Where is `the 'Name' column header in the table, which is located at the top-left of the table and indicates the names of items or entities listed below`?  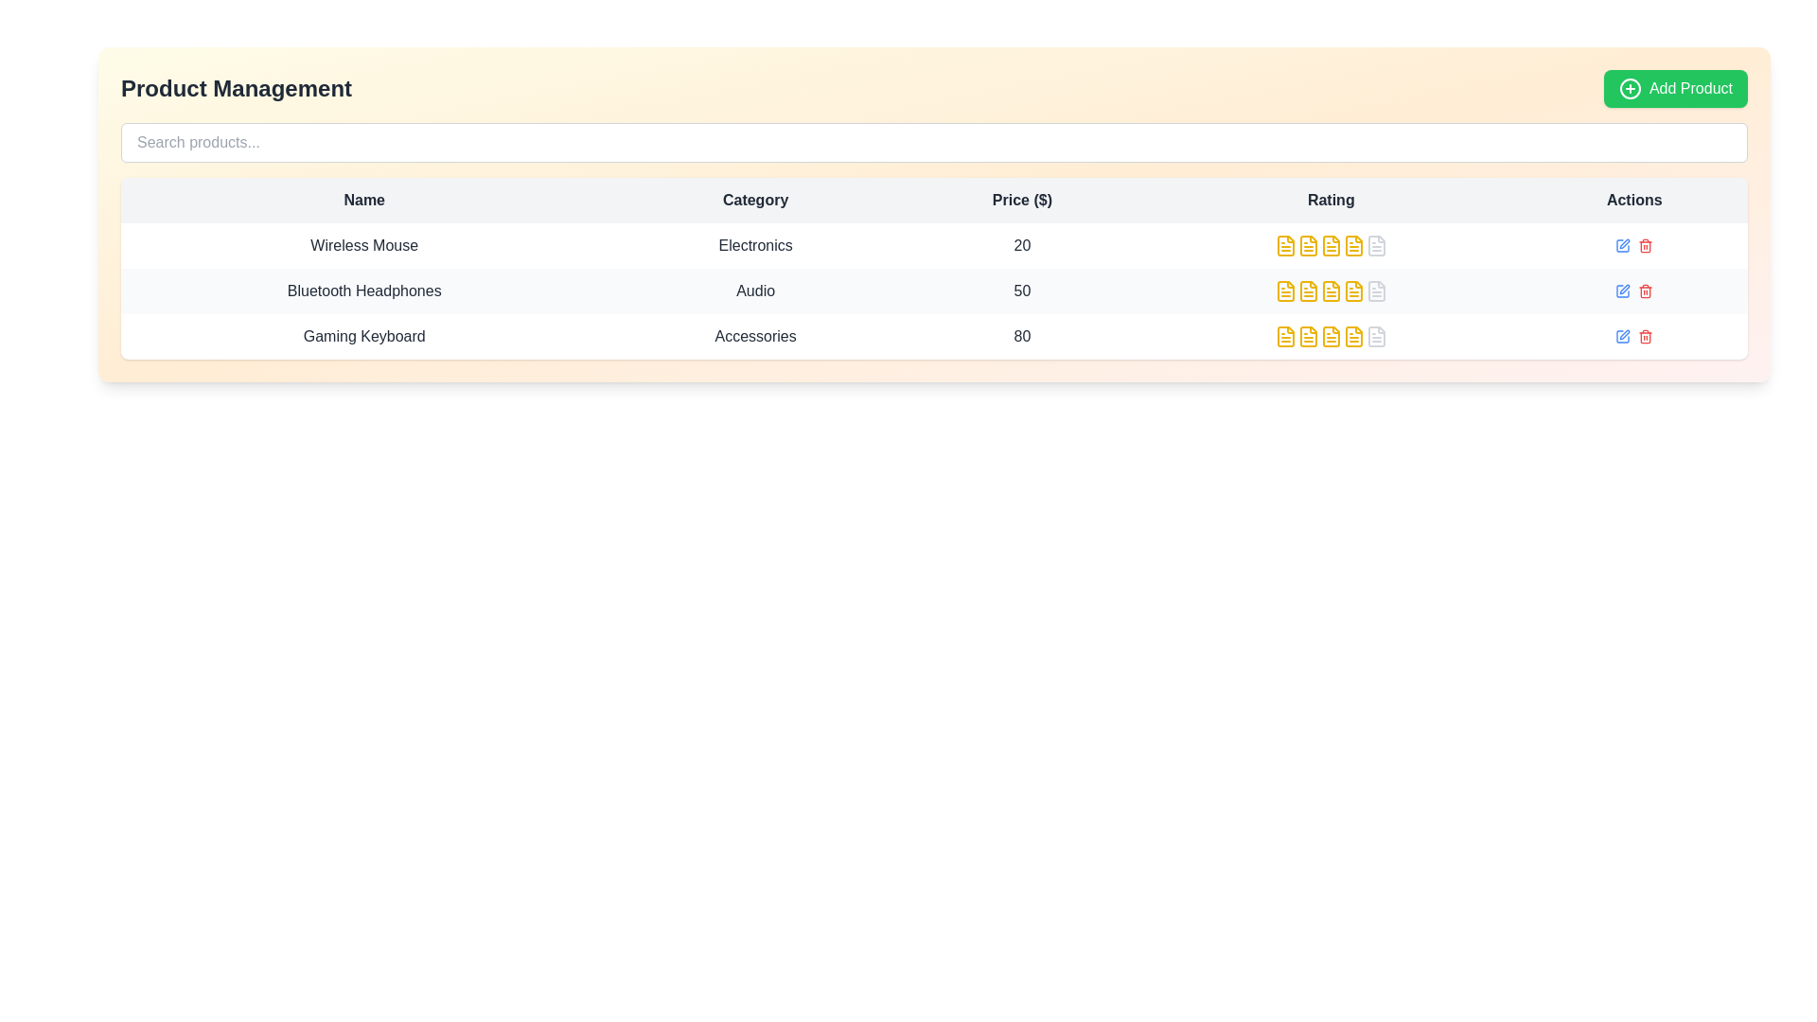 the 'Name' column header in the table, which is located at the top-left of the table and indicates the names of items or entities listed below is located at coordinates (364, 201).